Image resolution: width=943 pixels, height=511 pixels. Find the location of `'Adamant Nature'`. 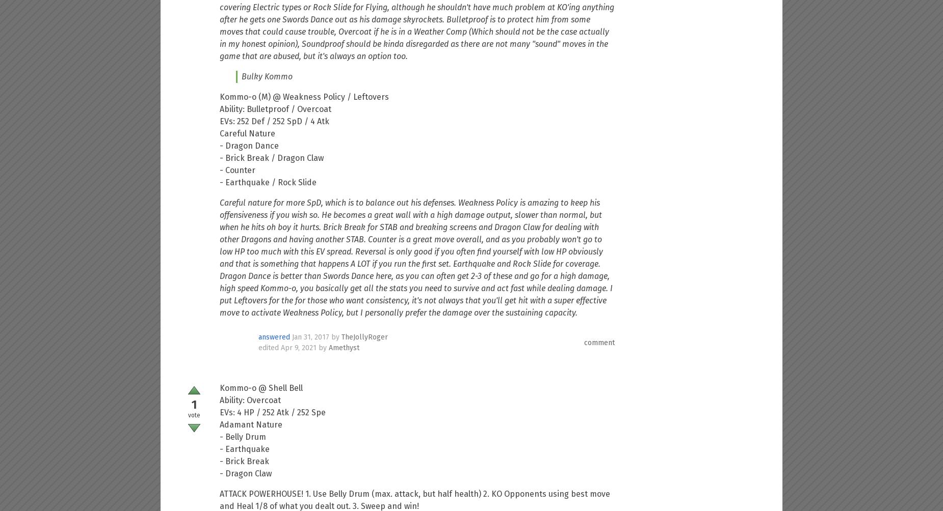

'Adamant Nature' is located at coordinates (219, 424).